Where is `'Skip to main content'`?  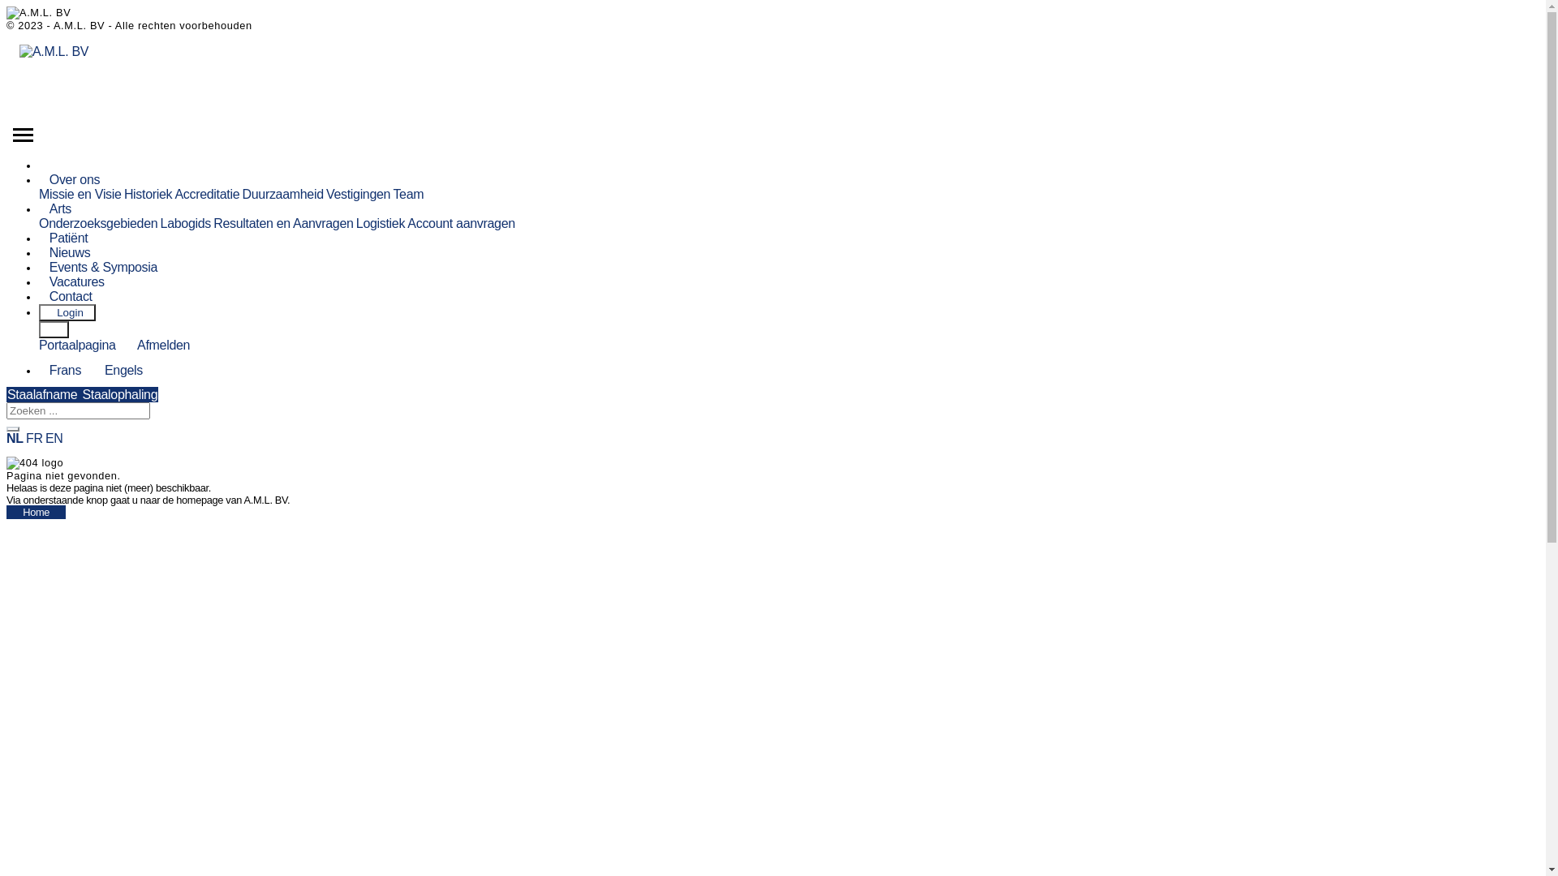 'Skip to main content' is located at coordinates (6, 6).